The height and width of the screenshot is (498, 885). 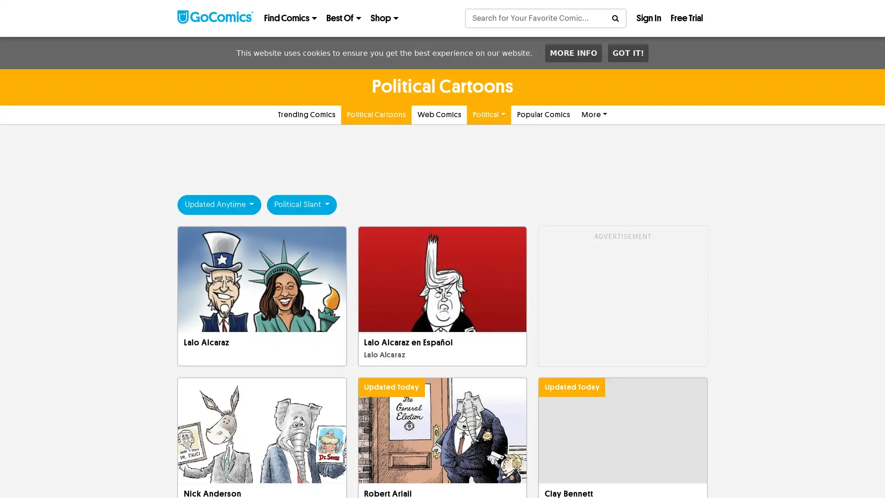 What do you see at coordinates (628, 464) in the screenshot?
I see `Close Ad` at bounding box center [628, 464].